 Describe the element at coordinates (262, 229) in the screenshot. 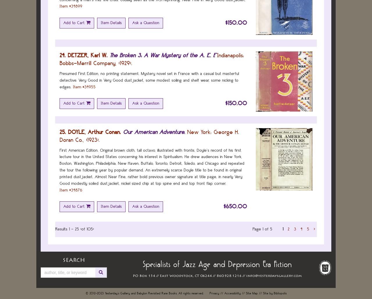

I see `'Page 1 of 5'` at that location.